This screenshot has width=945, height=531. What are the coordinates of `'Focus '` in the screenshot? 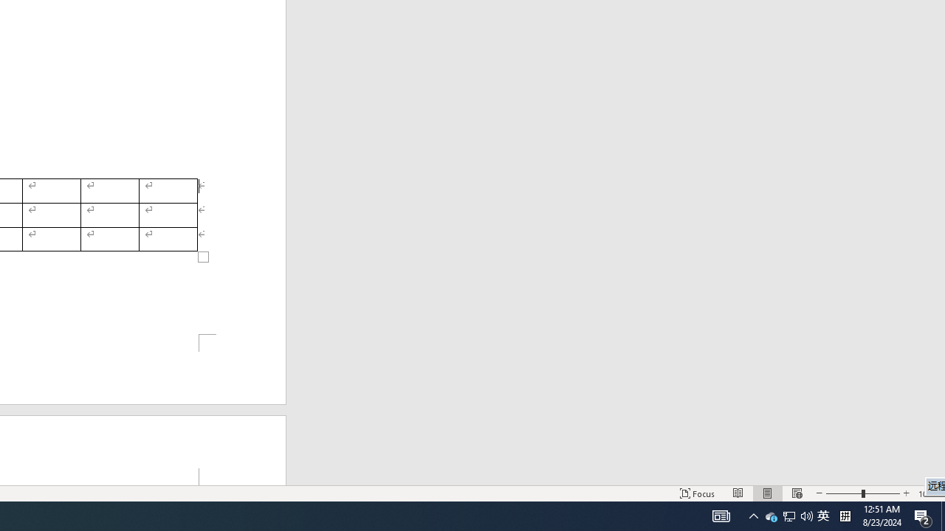 It's located at (696, 493).